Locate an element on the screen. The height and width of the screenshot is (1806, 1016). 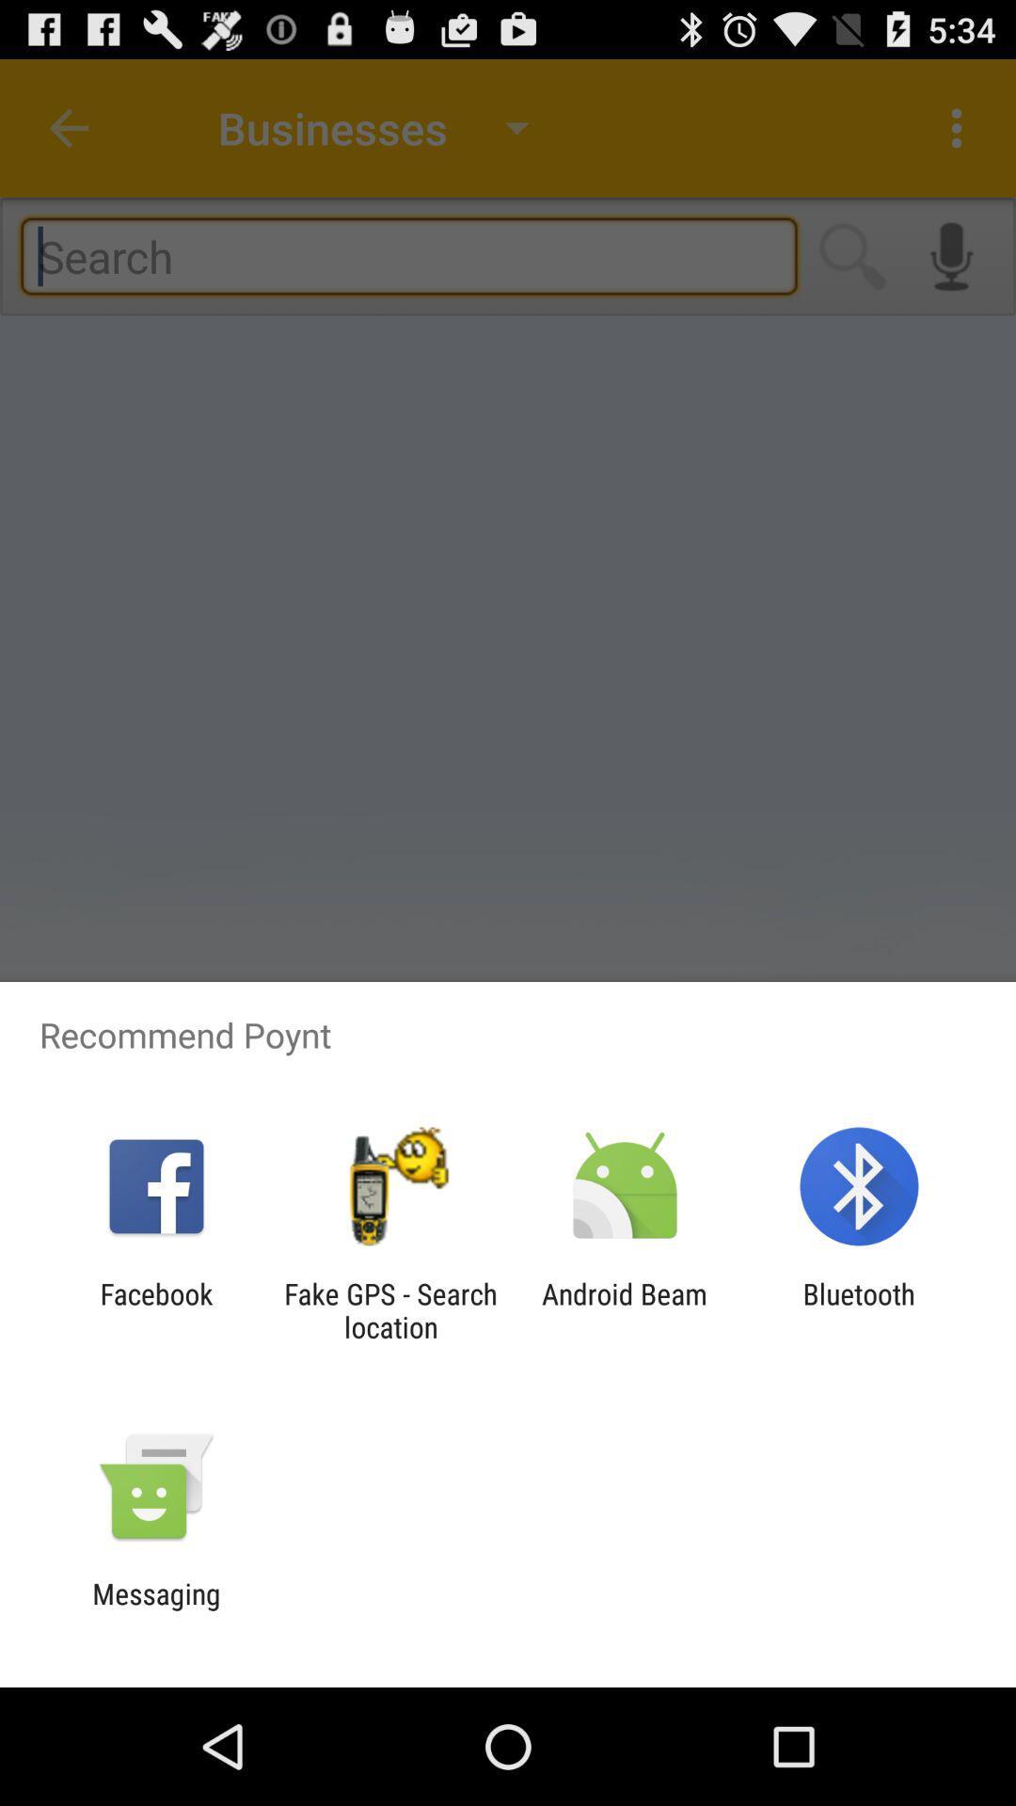
the icon next to fake gps search item is located at coordinates (625, 1309).